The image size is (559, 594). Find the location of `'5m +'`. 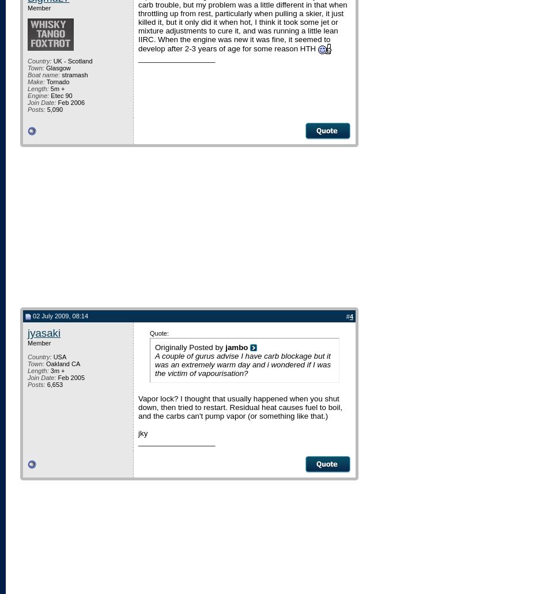

'5m +' is located at coordinates (56, 88).